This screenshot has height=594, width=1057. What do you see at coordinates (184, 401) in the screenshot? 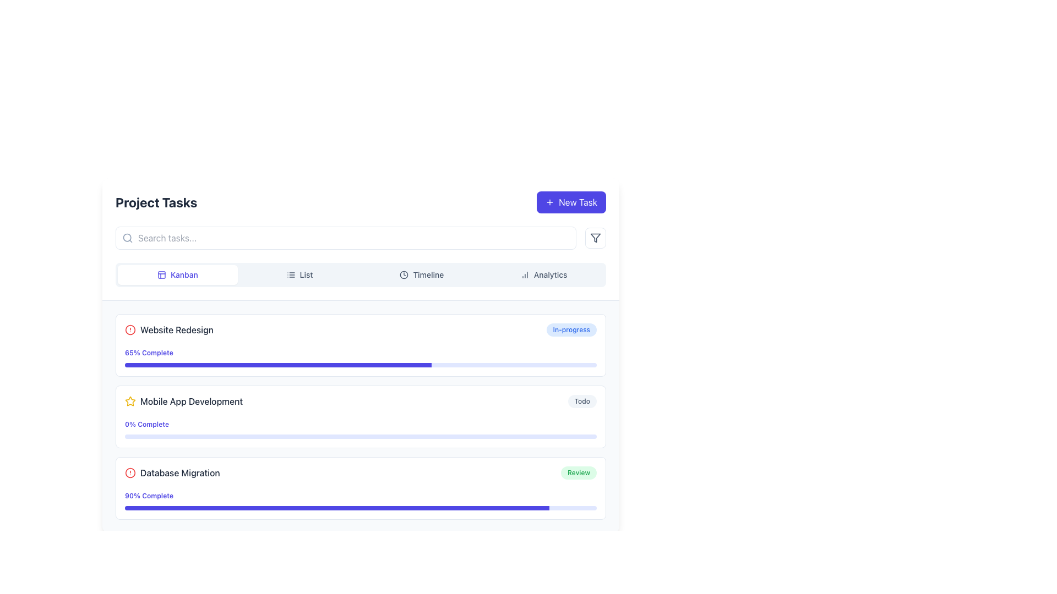
I see `the Task title label 'Mobile App Development' with a yellow-colored outlined star icon, which is the second task in the 'Project Tasks' section` at bounding box center [184, 401].